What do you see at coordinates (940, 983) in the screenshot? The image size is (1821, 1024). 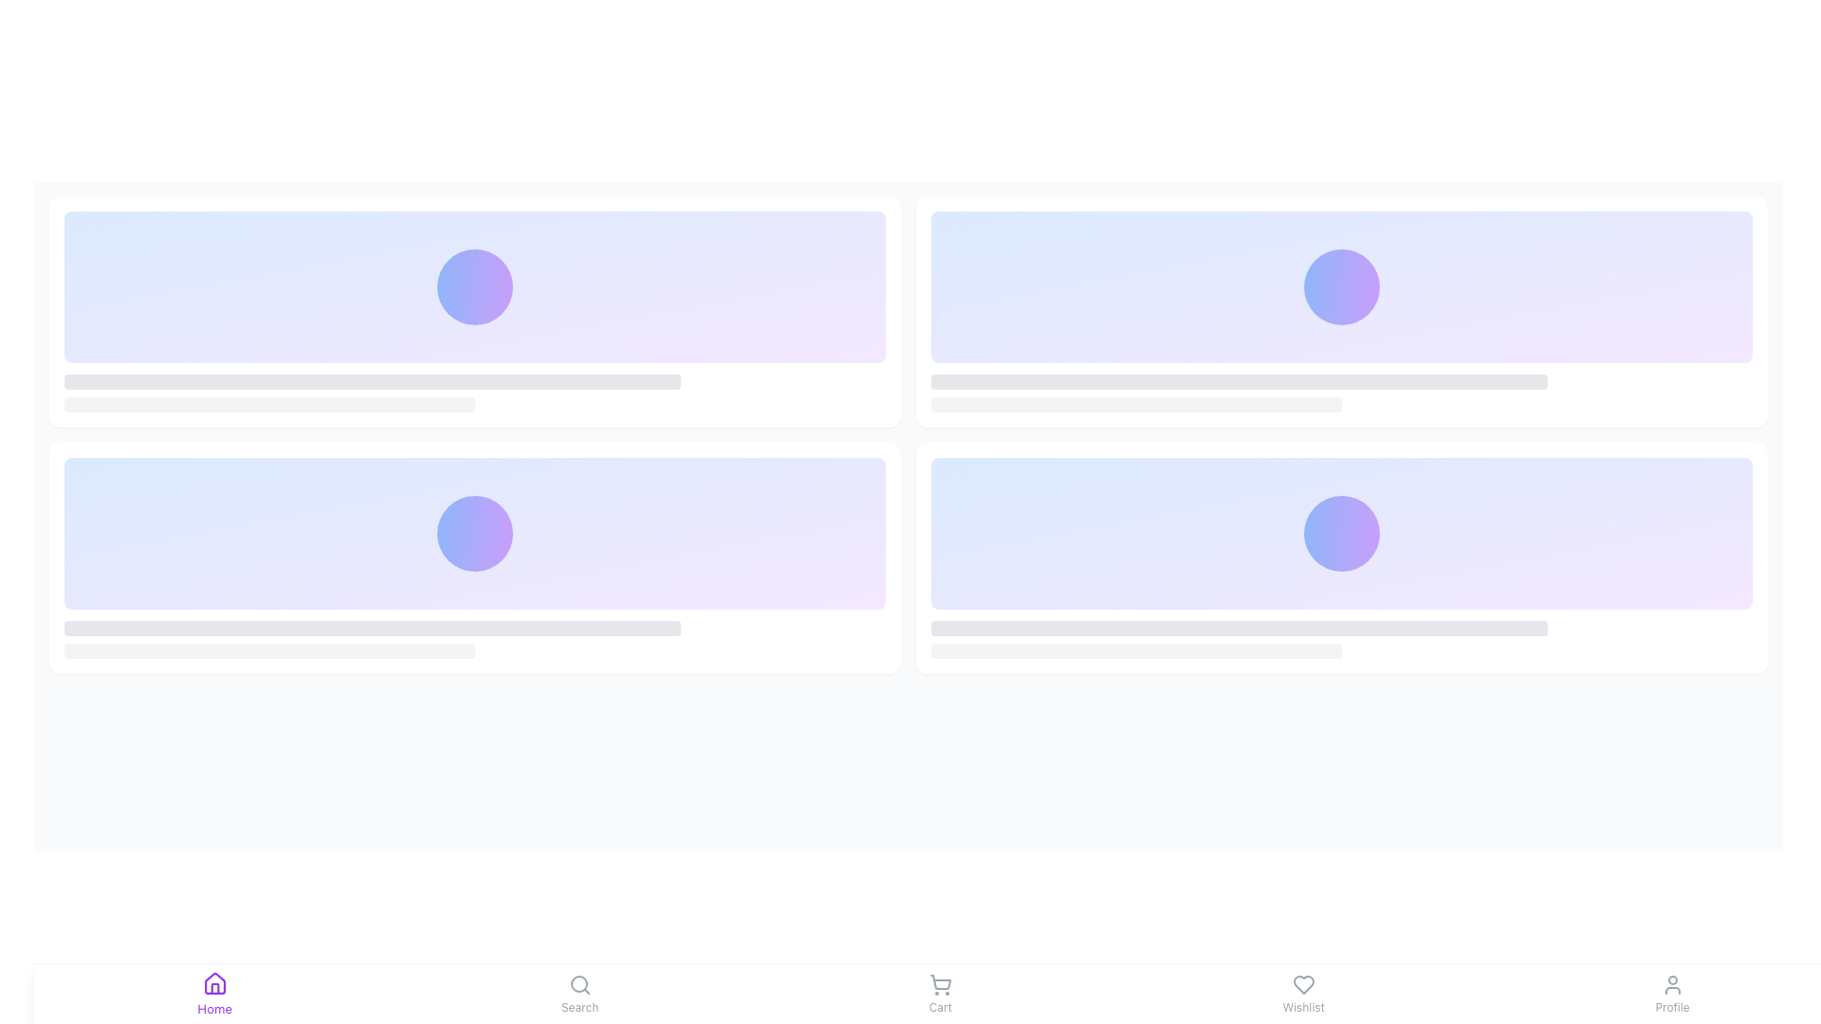 I see `the shopping cart icon located in the bottom navigation bar, specifically above the 'Cart' label` at bounding box center [940, 983].